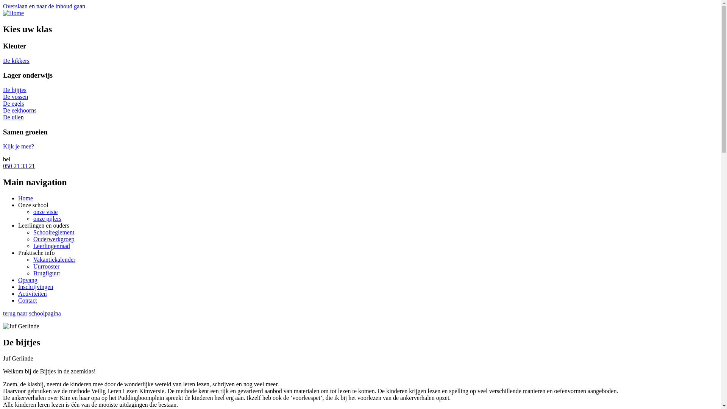  I want to click on 'Inschrijvingen', so click(35, 287).